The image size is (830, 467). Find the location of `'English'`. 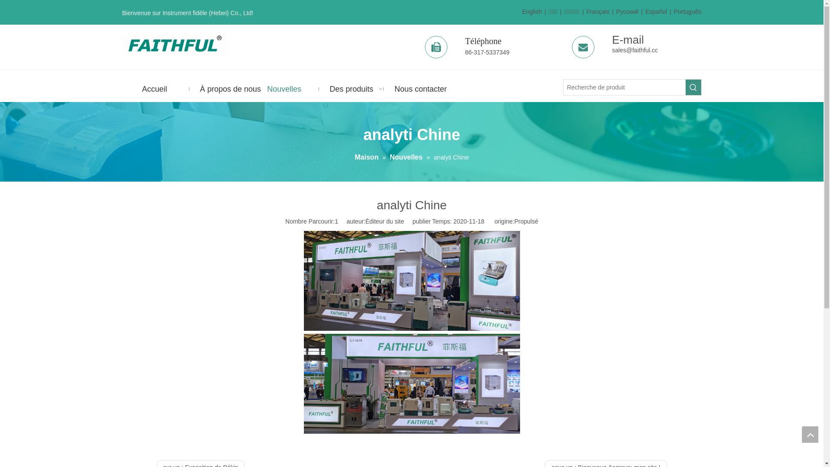

'English' is located at coordinates (531, 12).